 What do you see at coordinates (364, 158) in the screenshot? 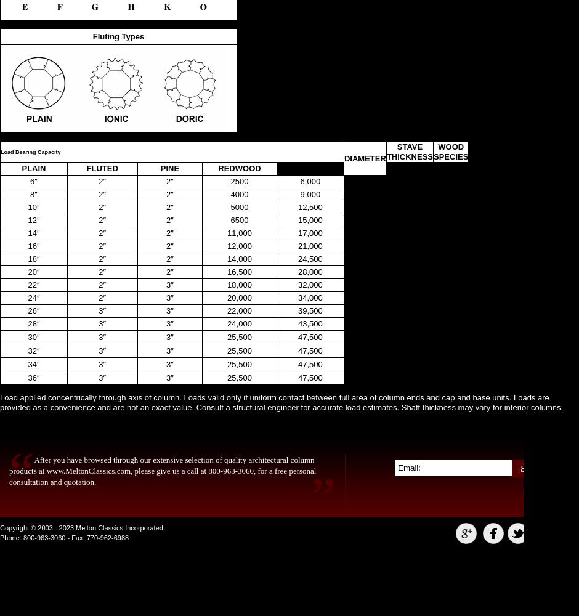
I see `'DIAMETER'` at bounding box center [364, 158].